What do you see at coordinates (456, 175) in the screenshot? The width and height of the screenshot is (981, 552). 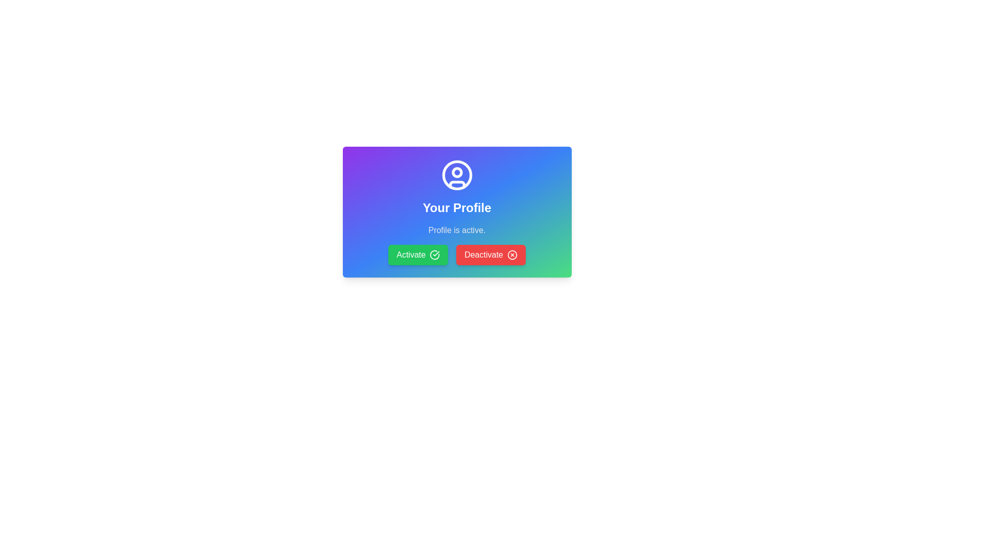 I see `the user profile icon located in the central region of the card layout, directly above the 'Your Profile' title` at bounding box center [456, 175].